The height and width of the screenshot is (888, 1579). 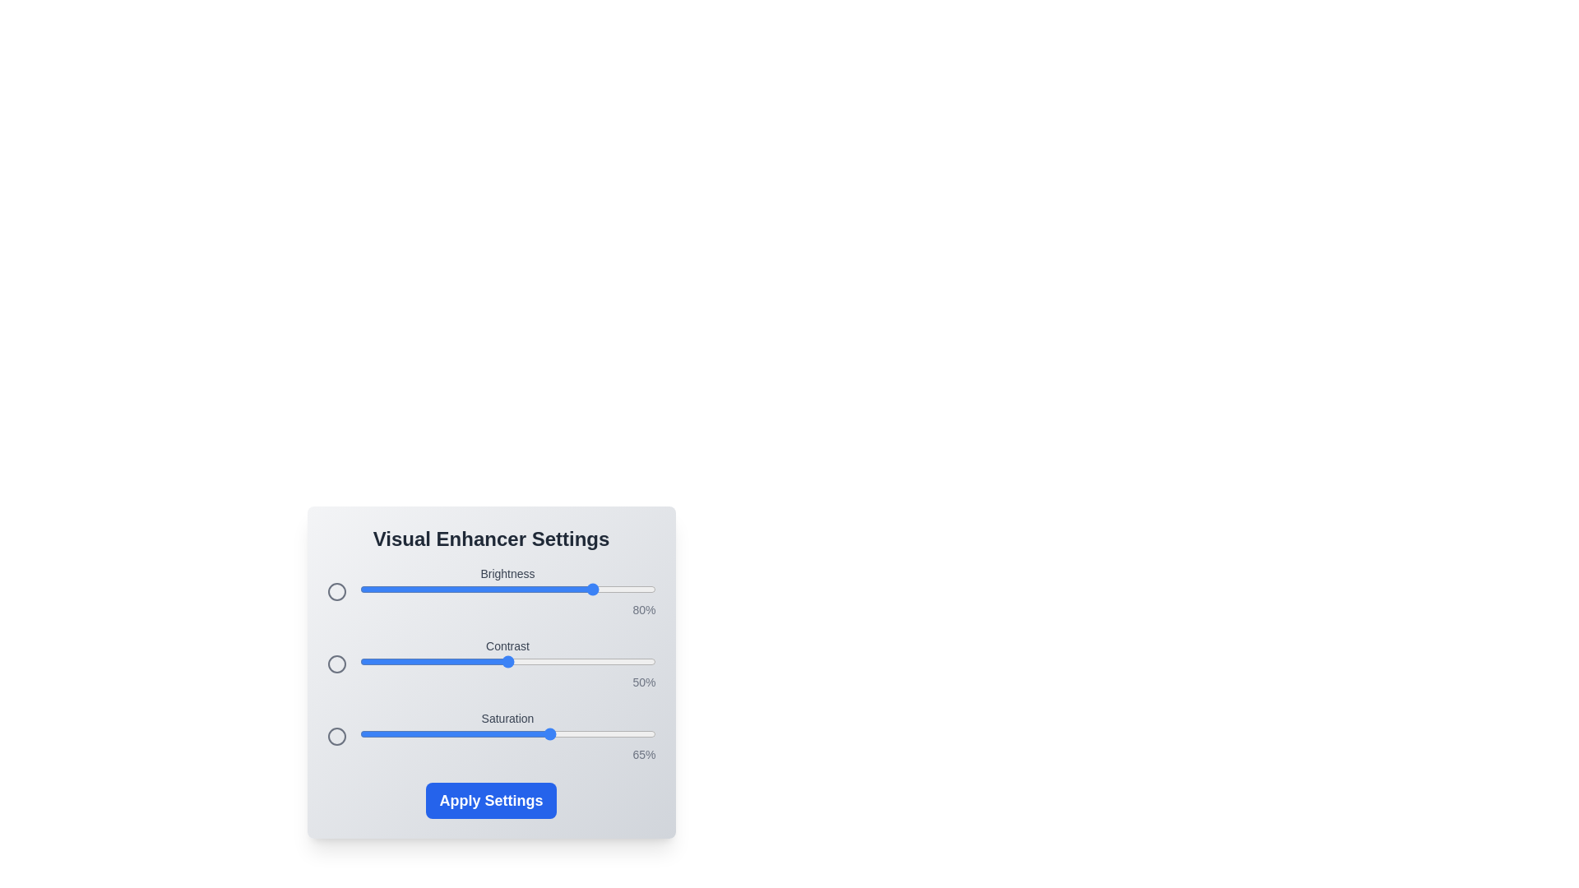 What do you see at coordinates (468, 661) in the screenshot?
I see `the 1 slider to 37%` at bounding box center [468, 661].